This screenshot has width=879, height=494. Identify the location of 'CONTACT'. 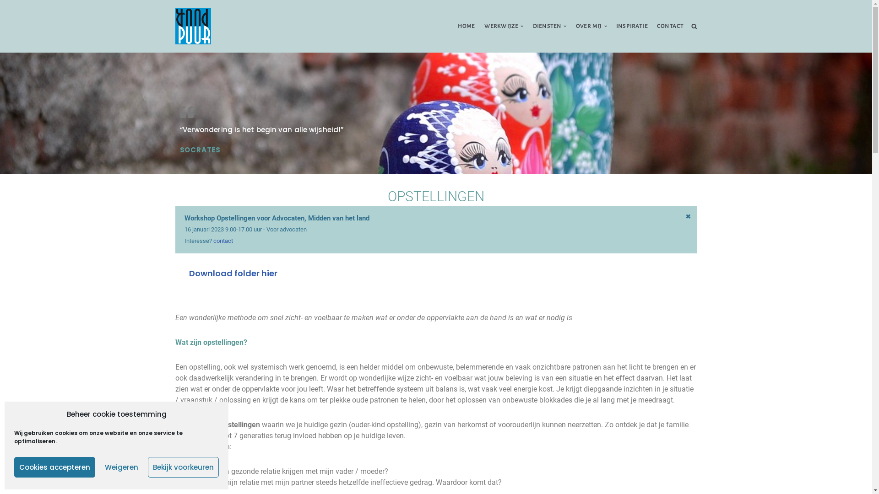
(670, 26).